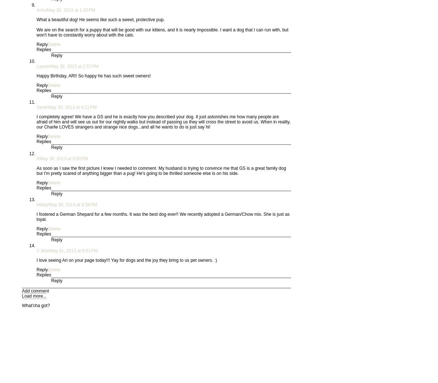 This screenshot has width=438, height=383. I want to click on 'Hillary', so click(42, 205).